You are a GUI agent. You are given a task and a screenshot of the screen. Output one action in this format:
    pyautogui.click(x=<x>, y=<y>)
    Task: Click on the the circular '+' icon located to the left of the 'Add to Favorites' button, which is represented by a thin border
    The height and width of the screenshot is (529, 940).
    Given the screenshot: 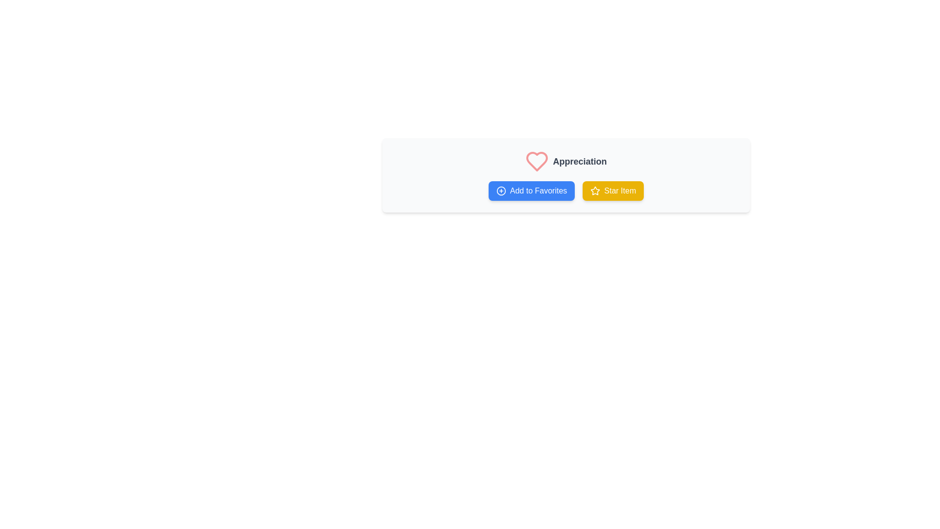 What is the action you would take?
    pyautogui.click(x=501, y=191)
    